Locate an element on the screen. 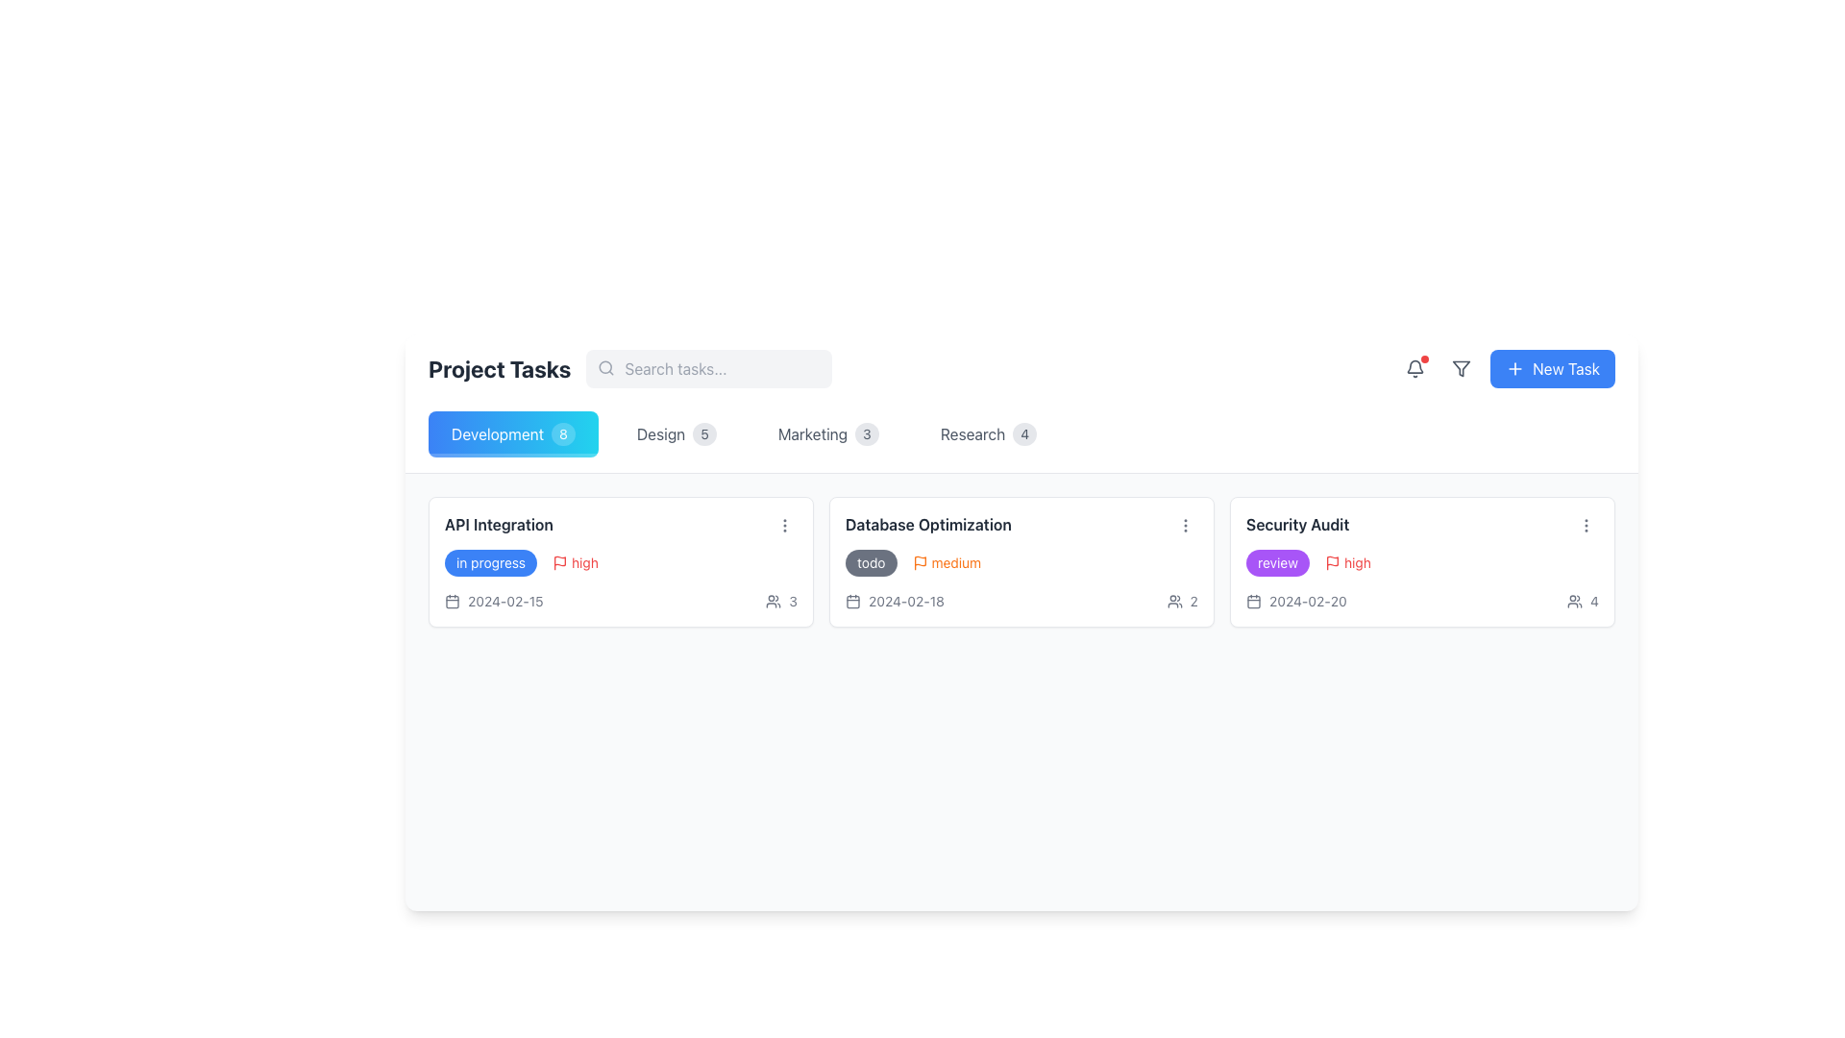  the 'medium' priority indicator text within the 'Database Optimization' task card is located at coordinates (956, 562).